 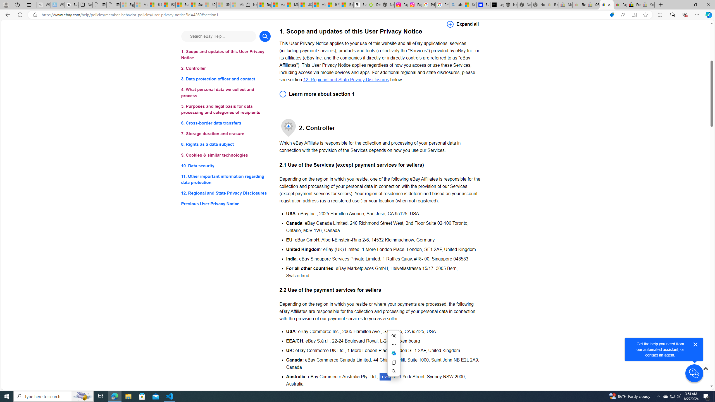 I want to click on '9. Cookies & similar technologies', so click(x=225, y=155).